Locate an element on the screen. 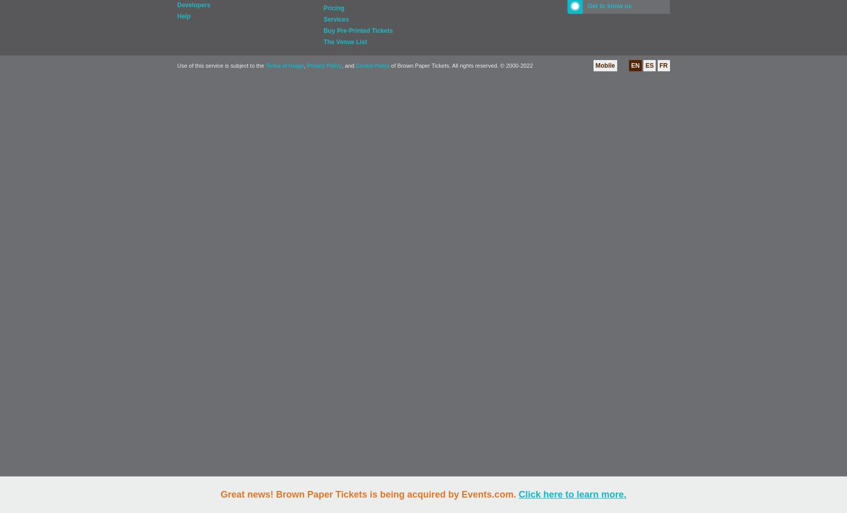 Image resolution: width=847 pixels, height=513 pixels. 'Services' is located at coordinates (336, 19).